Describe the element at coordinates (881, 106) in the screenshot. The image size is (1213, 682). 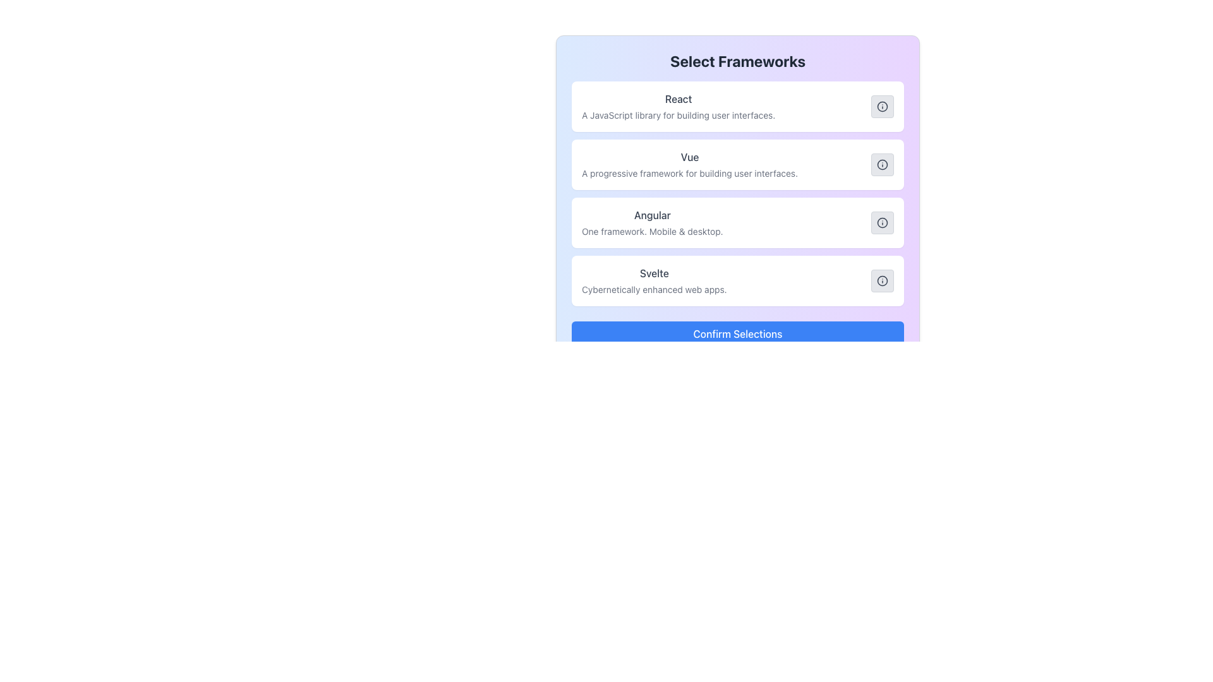
I see `the circular boundary of the information icon located to the right of the 'React' framework selection option` at that location.